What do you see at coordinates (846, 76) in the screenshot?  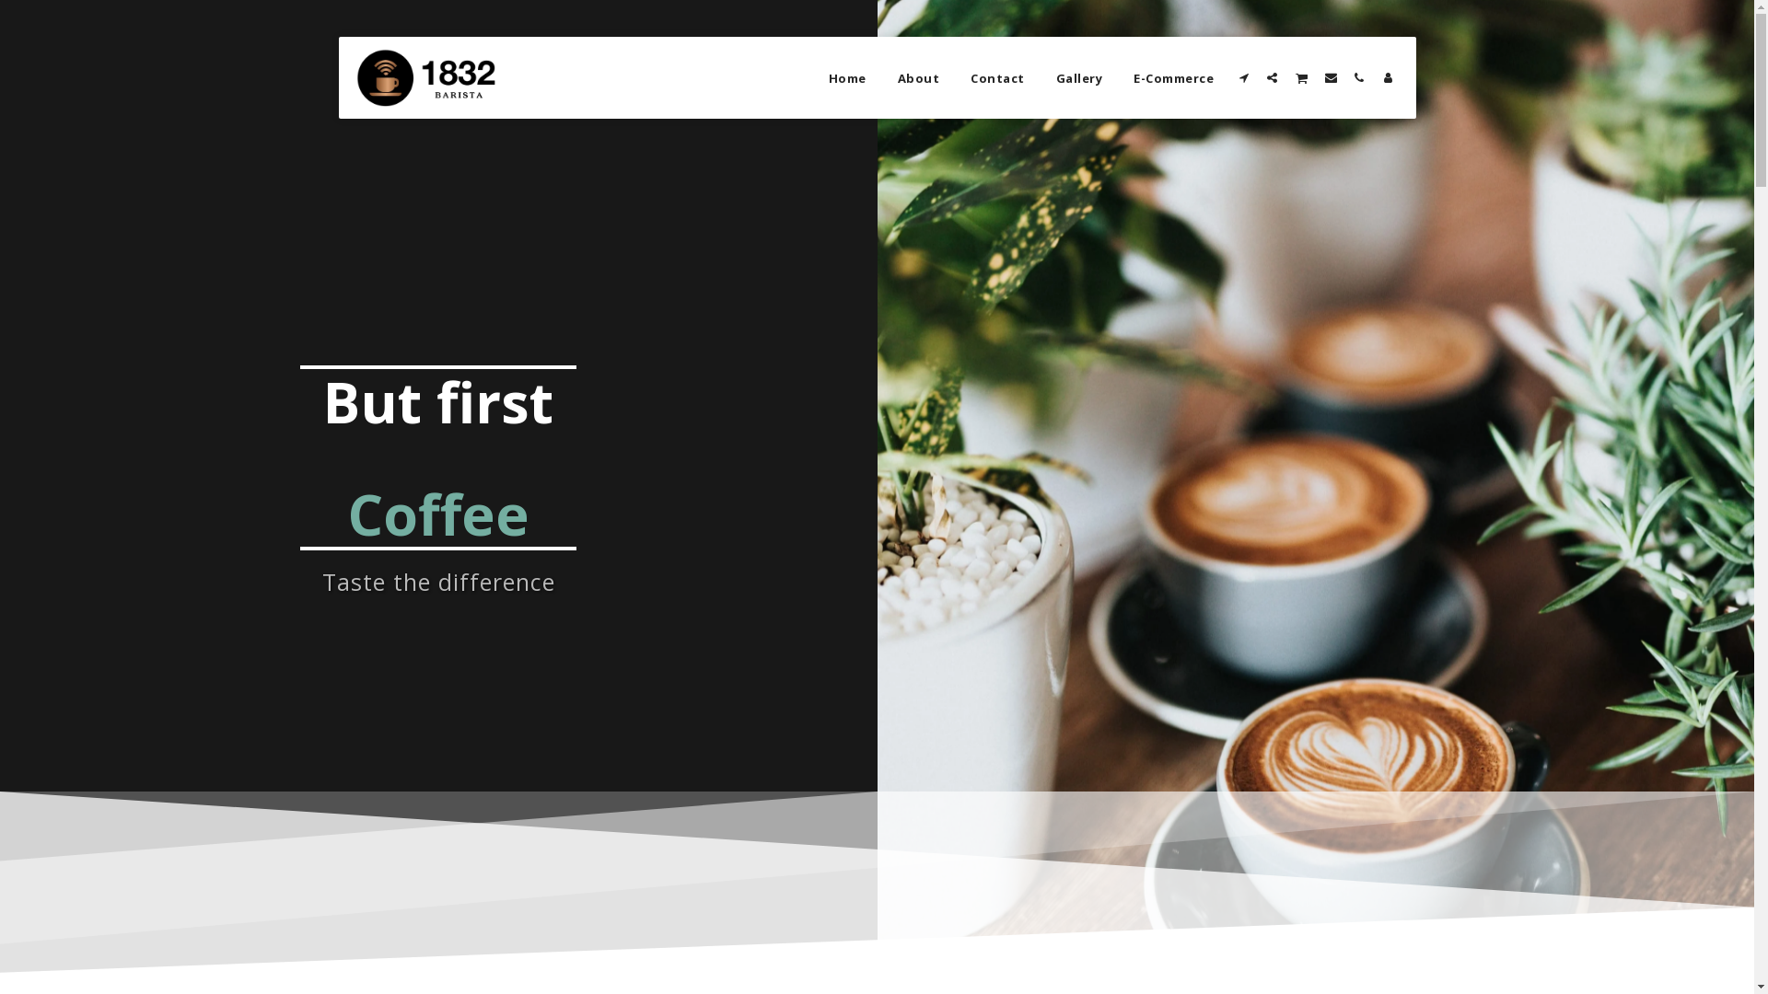 I see `'Home'` at bounding box center [846, 76].